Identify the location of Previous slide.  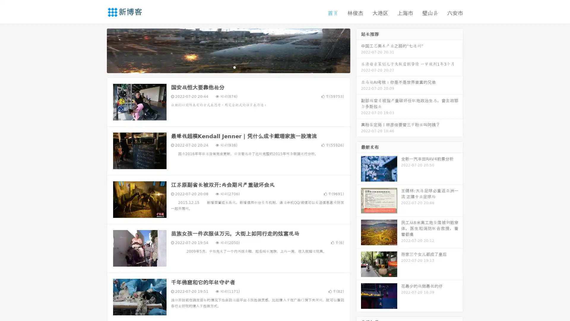
(98, 50).